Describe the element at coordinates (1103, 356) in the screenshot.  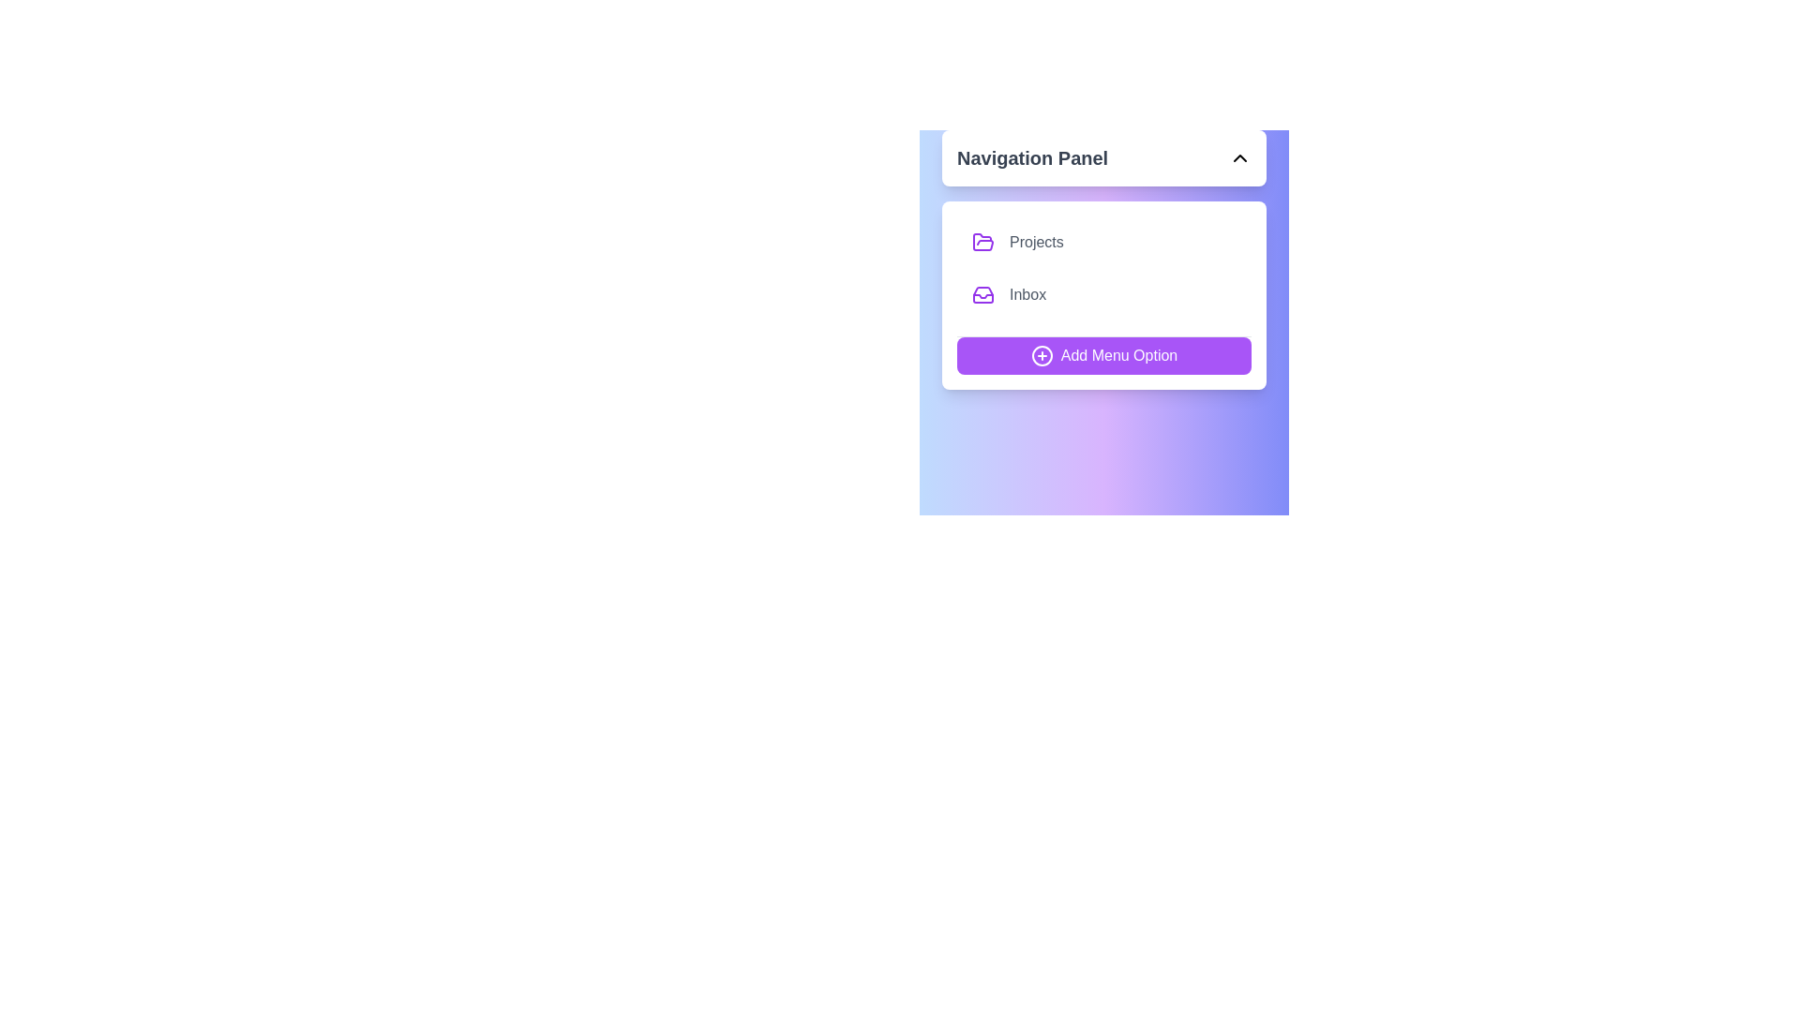
I see `the 'Add Menu Option' button to initiate the action` at that location.